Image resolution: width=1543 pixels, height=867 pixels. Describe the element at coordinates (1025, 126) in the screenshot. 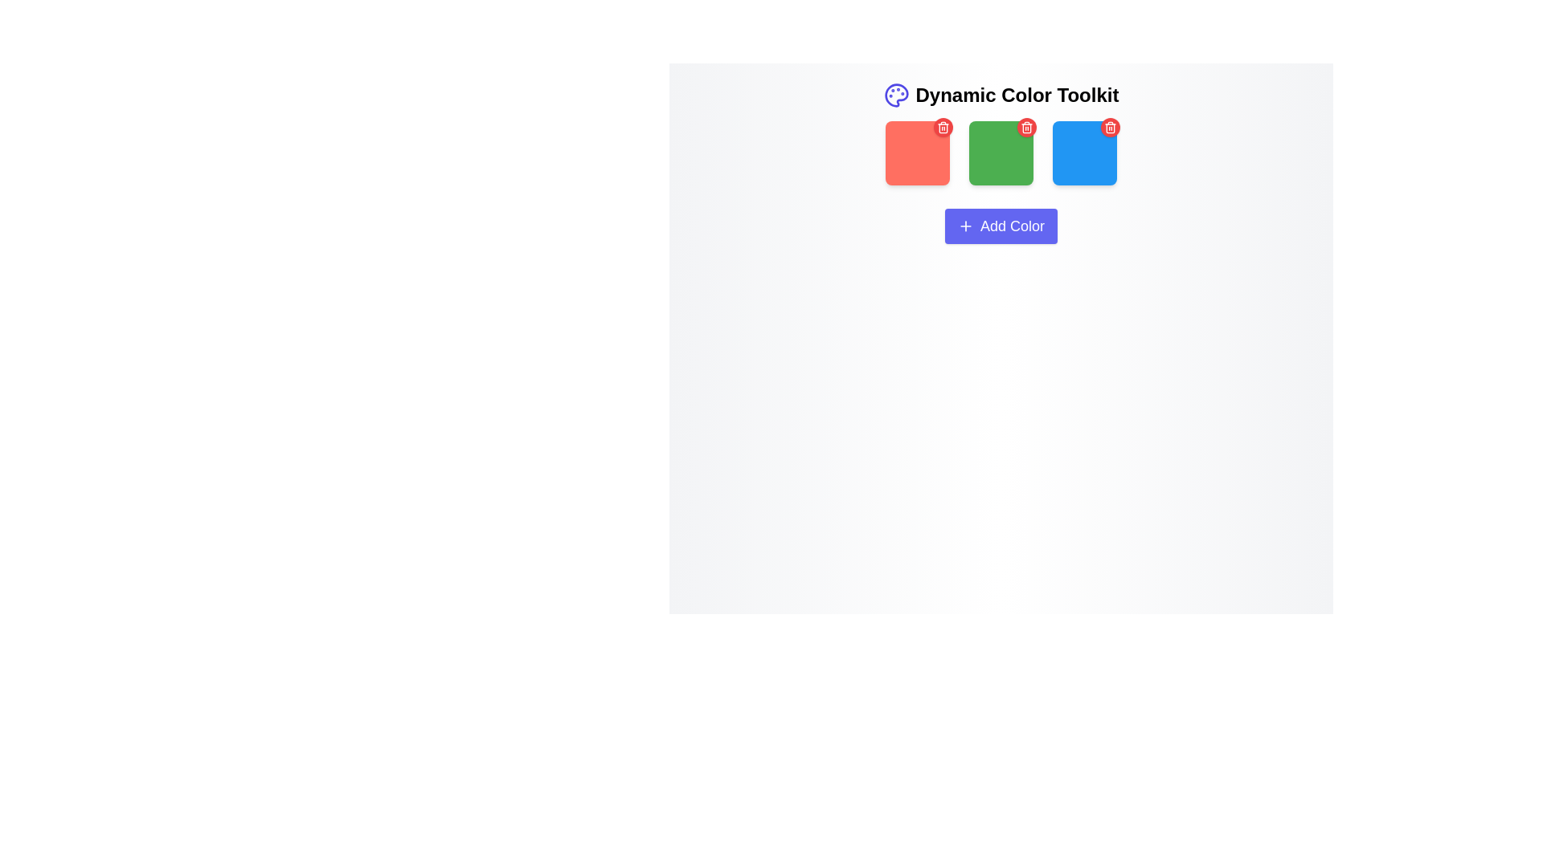

I see `the trash can icon button with a red background located at the upper right corner of the green color tile` at that location.